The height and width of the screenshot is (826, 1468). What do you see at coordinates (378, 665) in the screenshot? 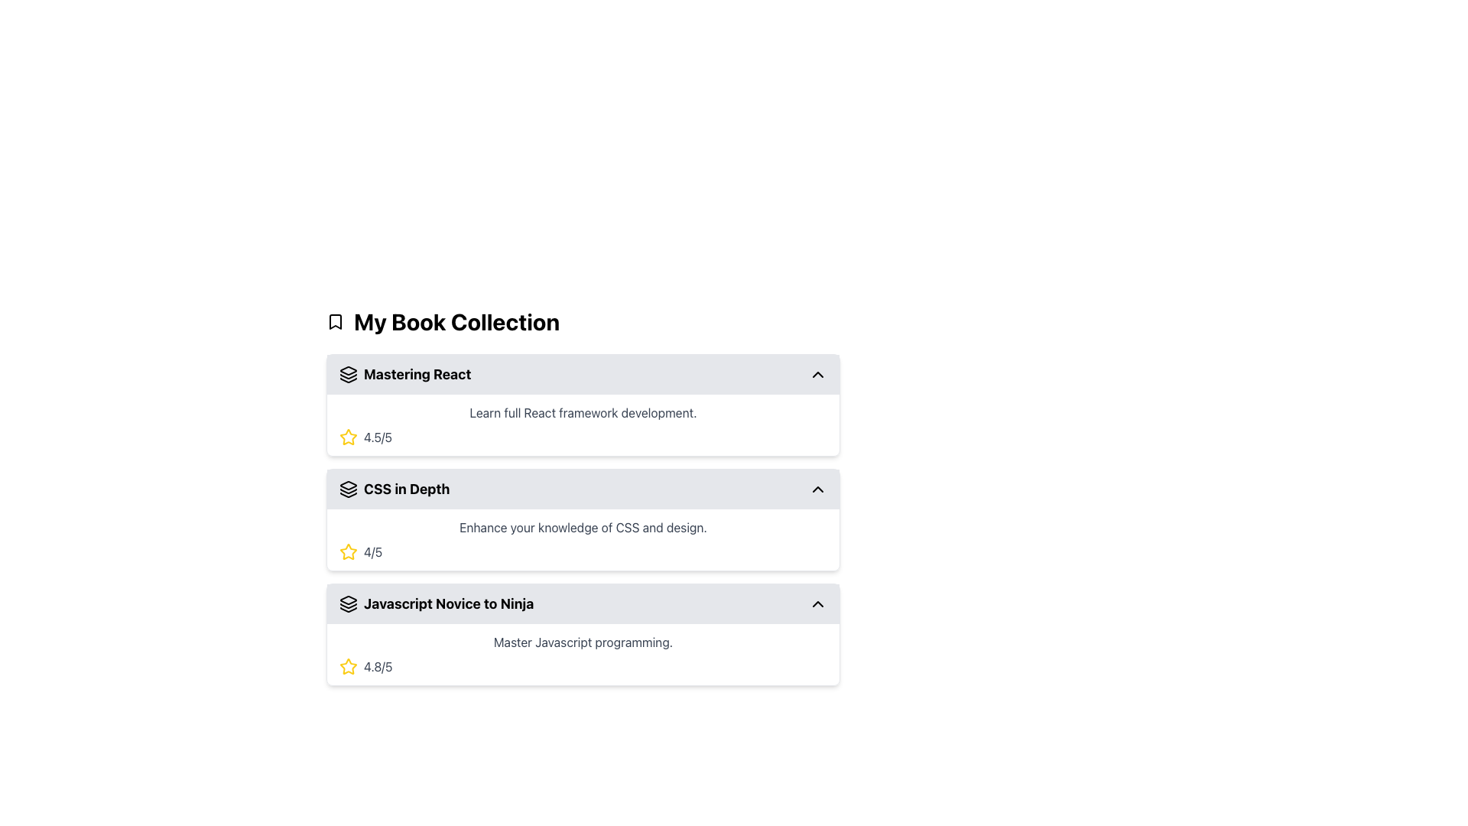
I see `the text displaying '4.8/5' located next to the yellow star icon on the third card titled 'Javascript Novice to Ninja' in the 'My Book Collection' section` at bounding box center [378, 665].